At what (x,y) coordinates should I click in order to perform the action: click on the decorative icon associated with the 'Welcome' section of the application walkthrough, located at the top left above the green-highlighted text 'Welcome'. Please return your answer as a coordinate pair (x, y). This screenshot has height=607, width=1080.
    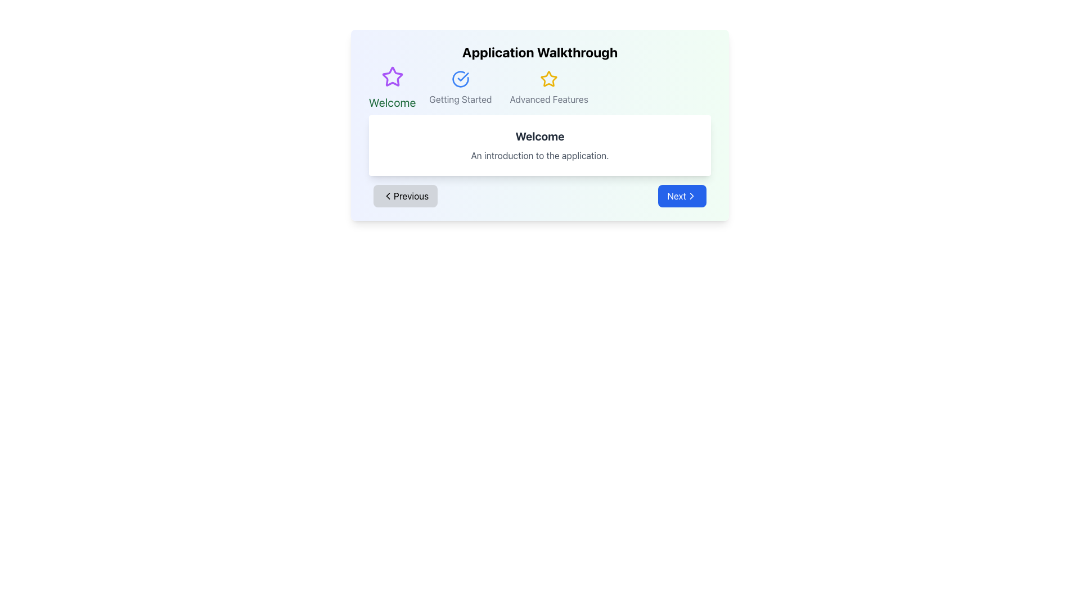
    Looking at the image, I should click on (392, 76).